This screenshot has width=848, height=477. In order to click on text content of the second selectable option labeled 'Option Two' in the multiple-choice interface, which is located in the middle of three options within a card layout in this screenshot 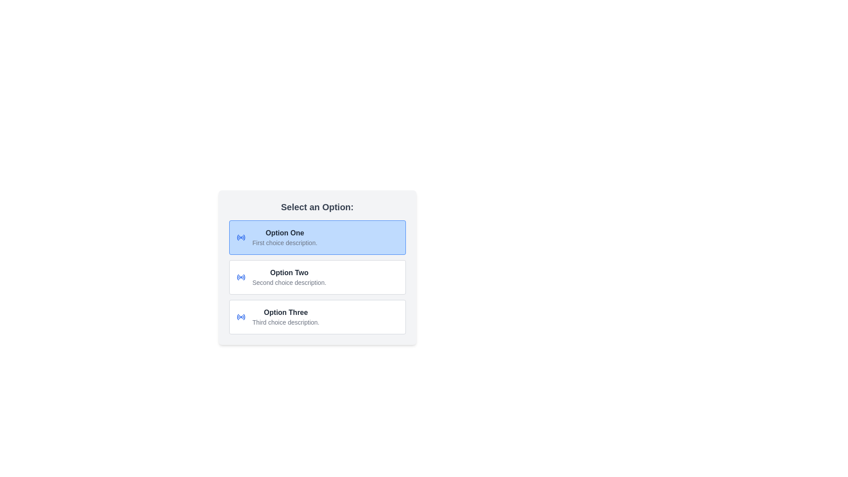, I will do `click(289, 277)`.